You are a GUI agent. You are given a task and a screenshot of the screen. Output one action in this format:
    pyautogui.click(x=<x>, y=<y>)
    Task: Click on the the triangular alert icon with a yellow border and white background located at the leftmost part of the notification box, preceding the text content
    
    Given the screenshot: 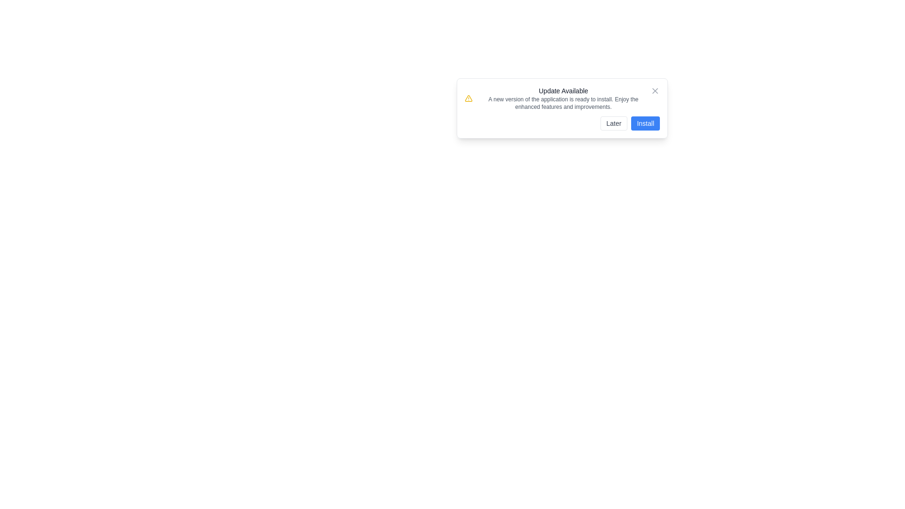 What is the action you would take?
    pyautogui.click(x=469, y=98)
    